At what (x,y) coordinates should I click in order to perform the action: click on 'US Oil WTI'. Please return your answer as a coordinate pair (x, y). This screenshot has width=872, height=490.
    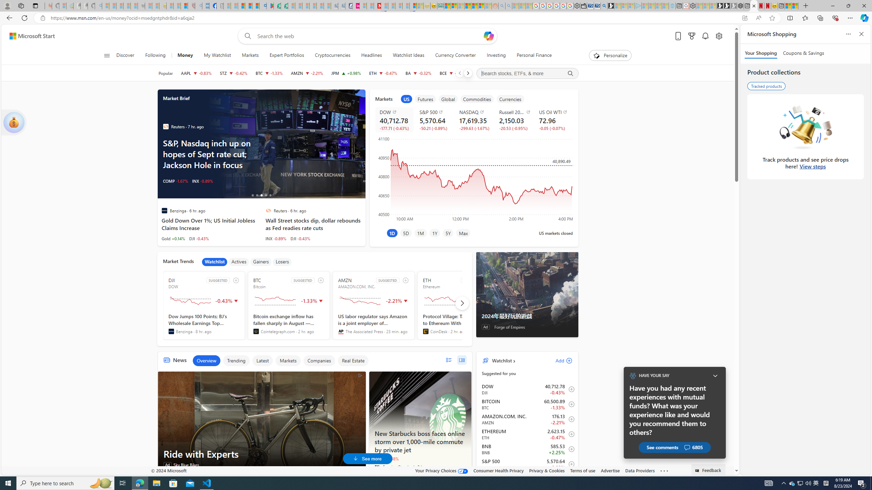
    Looking at the image, I should click on (555, 112).